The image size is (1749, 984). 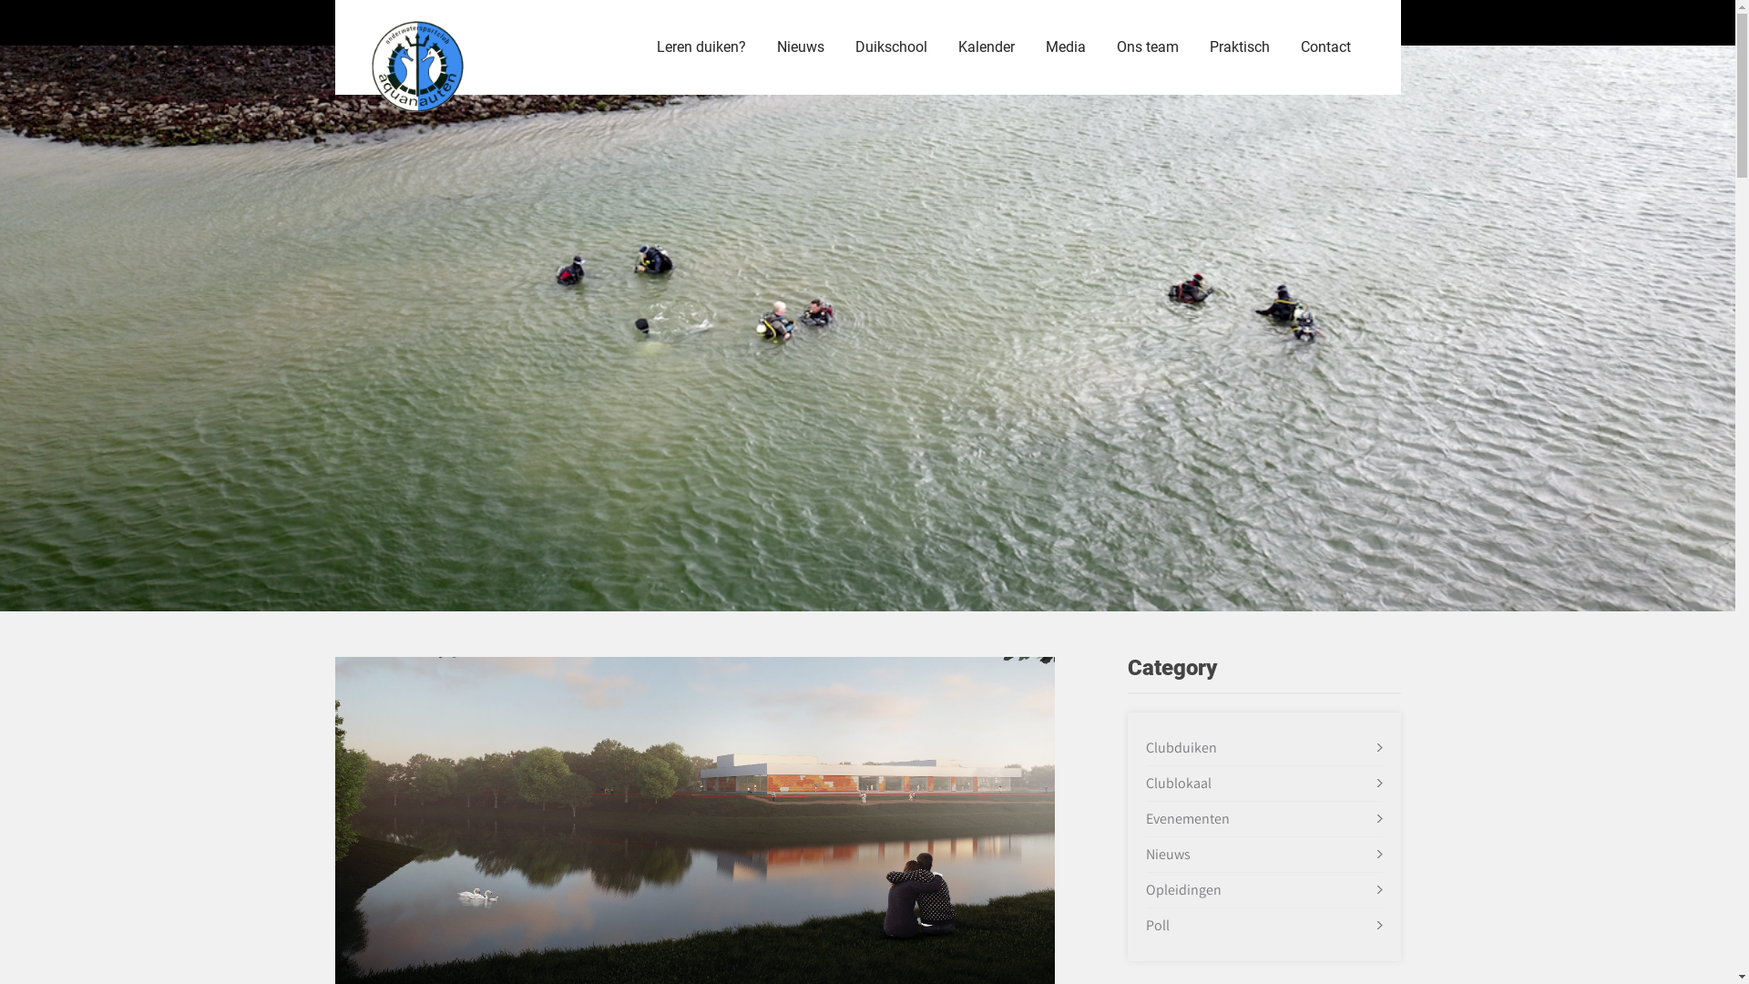 I want to click on 'Evenementen', so click(x=1188, y=817).